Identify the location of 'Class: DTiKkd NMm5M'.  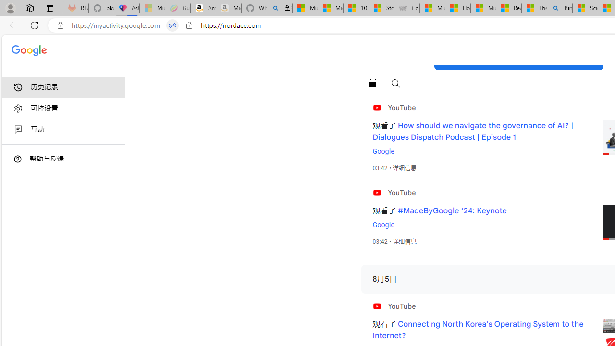
(18, 158).